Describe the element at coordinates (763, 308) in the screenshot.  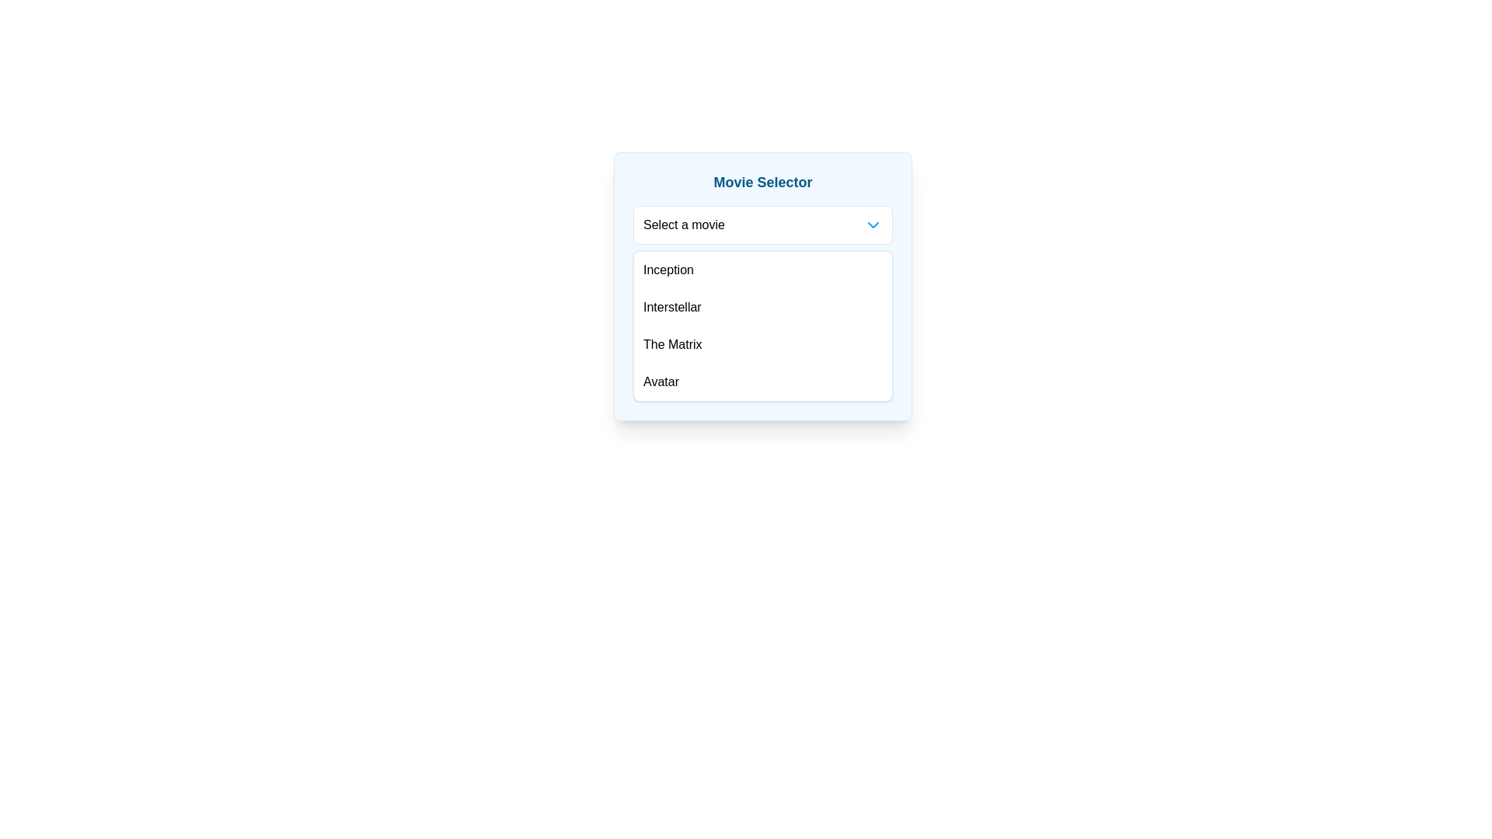
I see `to select the movie 'Interstellar' from the dropdown menu in the Movie Selector section` at that location.